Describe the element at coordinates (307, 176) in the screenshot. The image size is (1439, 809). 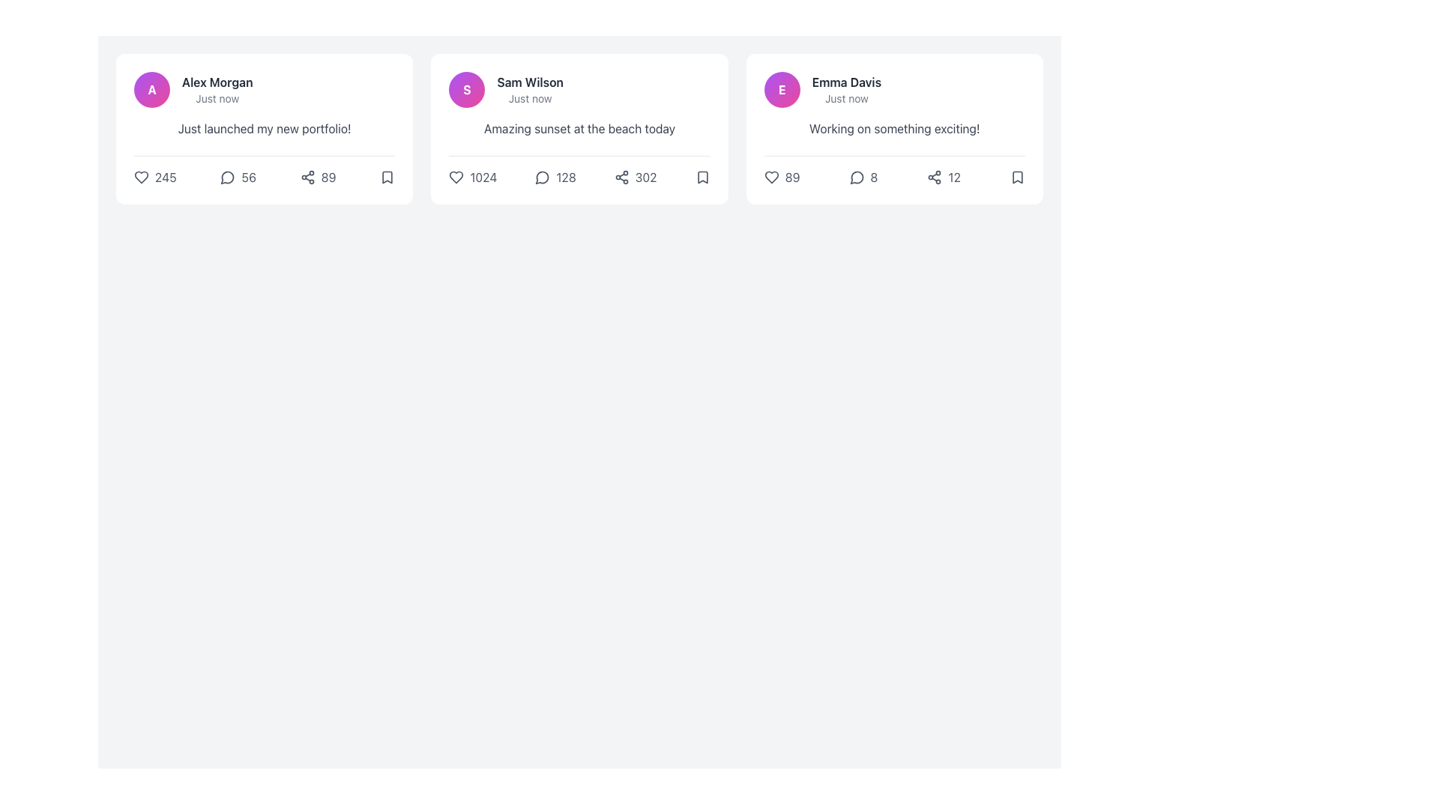
I see `the share icon button, represented as three interconnected circles forming a triangular pattern, located in the lower-right corner of the post card, to trigger a tooltip or feedback` at that location.